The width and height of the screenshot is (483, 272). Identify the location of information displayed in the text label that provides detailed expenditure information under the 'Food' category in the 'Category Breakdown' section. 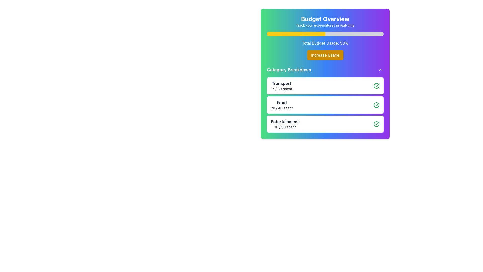
(282, 108).